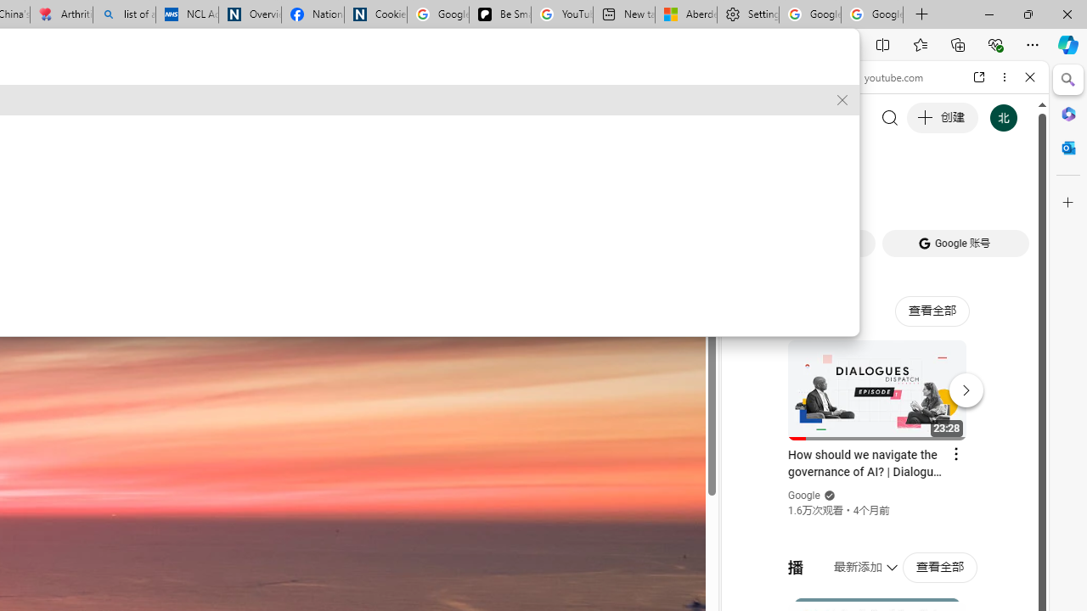 Image resolution: width=1087 pixels, height=611 pixels. What do you see at coordinates (375, 14) in the screenshot?
I see `'Cookies'` at bounding box center [375, 14].